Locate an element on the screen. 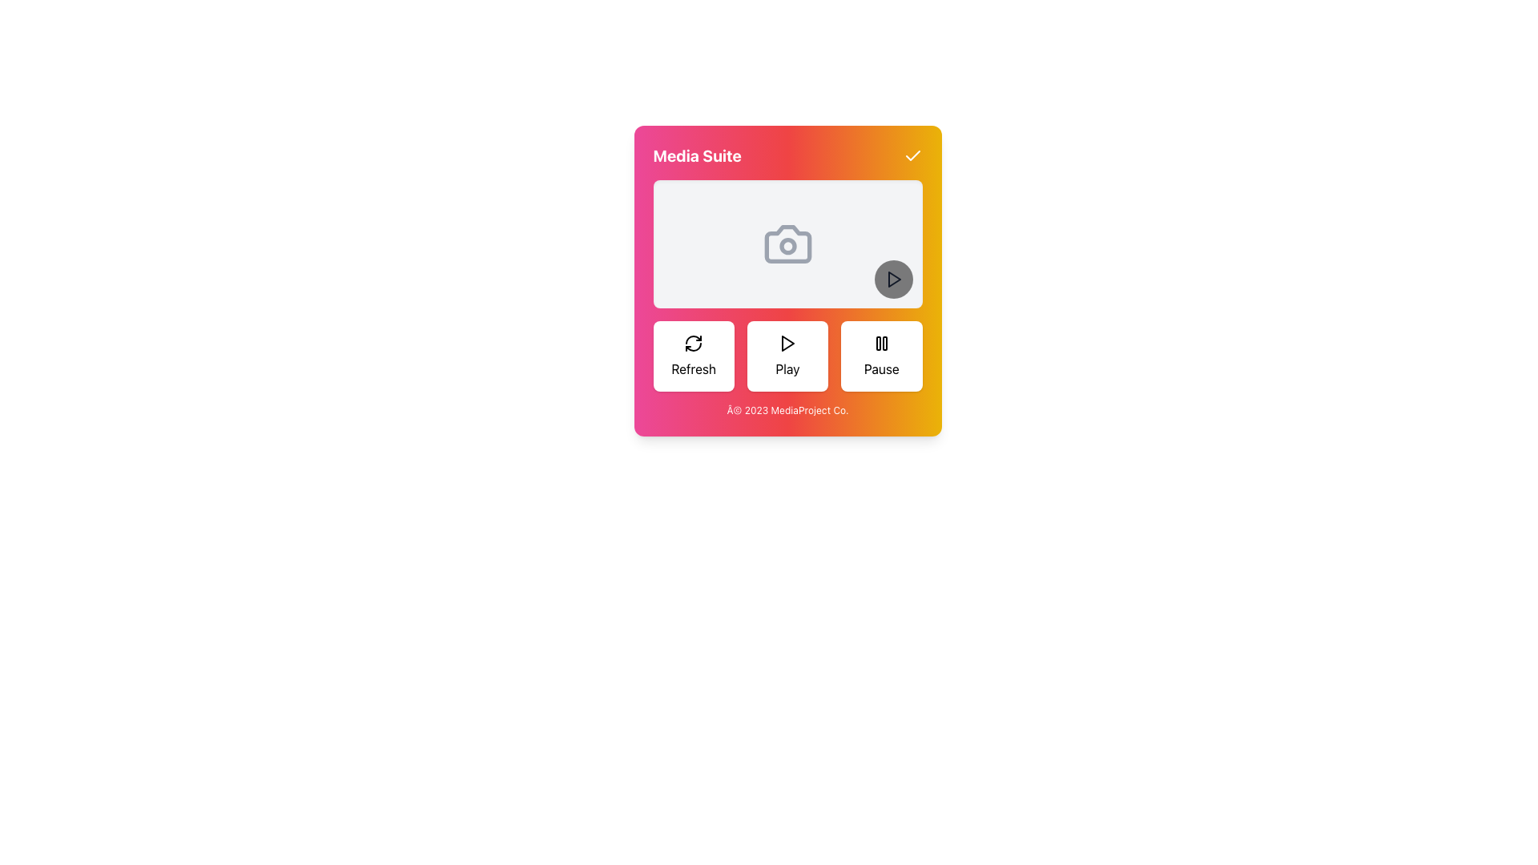 Image resolution: width=1538 pixels, height=865 pixels. the right bar of the pause icon, which is a narrow vertical rectangle with rounded corners, located within the button labeled 'Pause' is located at coordinates (884, 342).